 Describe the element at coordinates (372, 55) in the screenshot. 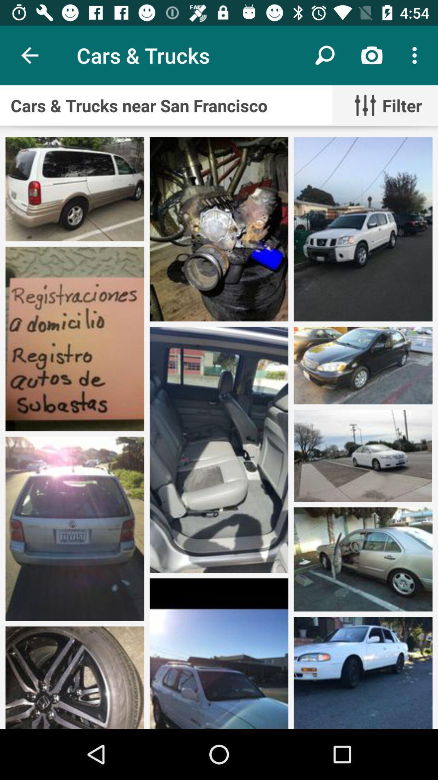

I see `the icon above cars trucks near item` at that location.